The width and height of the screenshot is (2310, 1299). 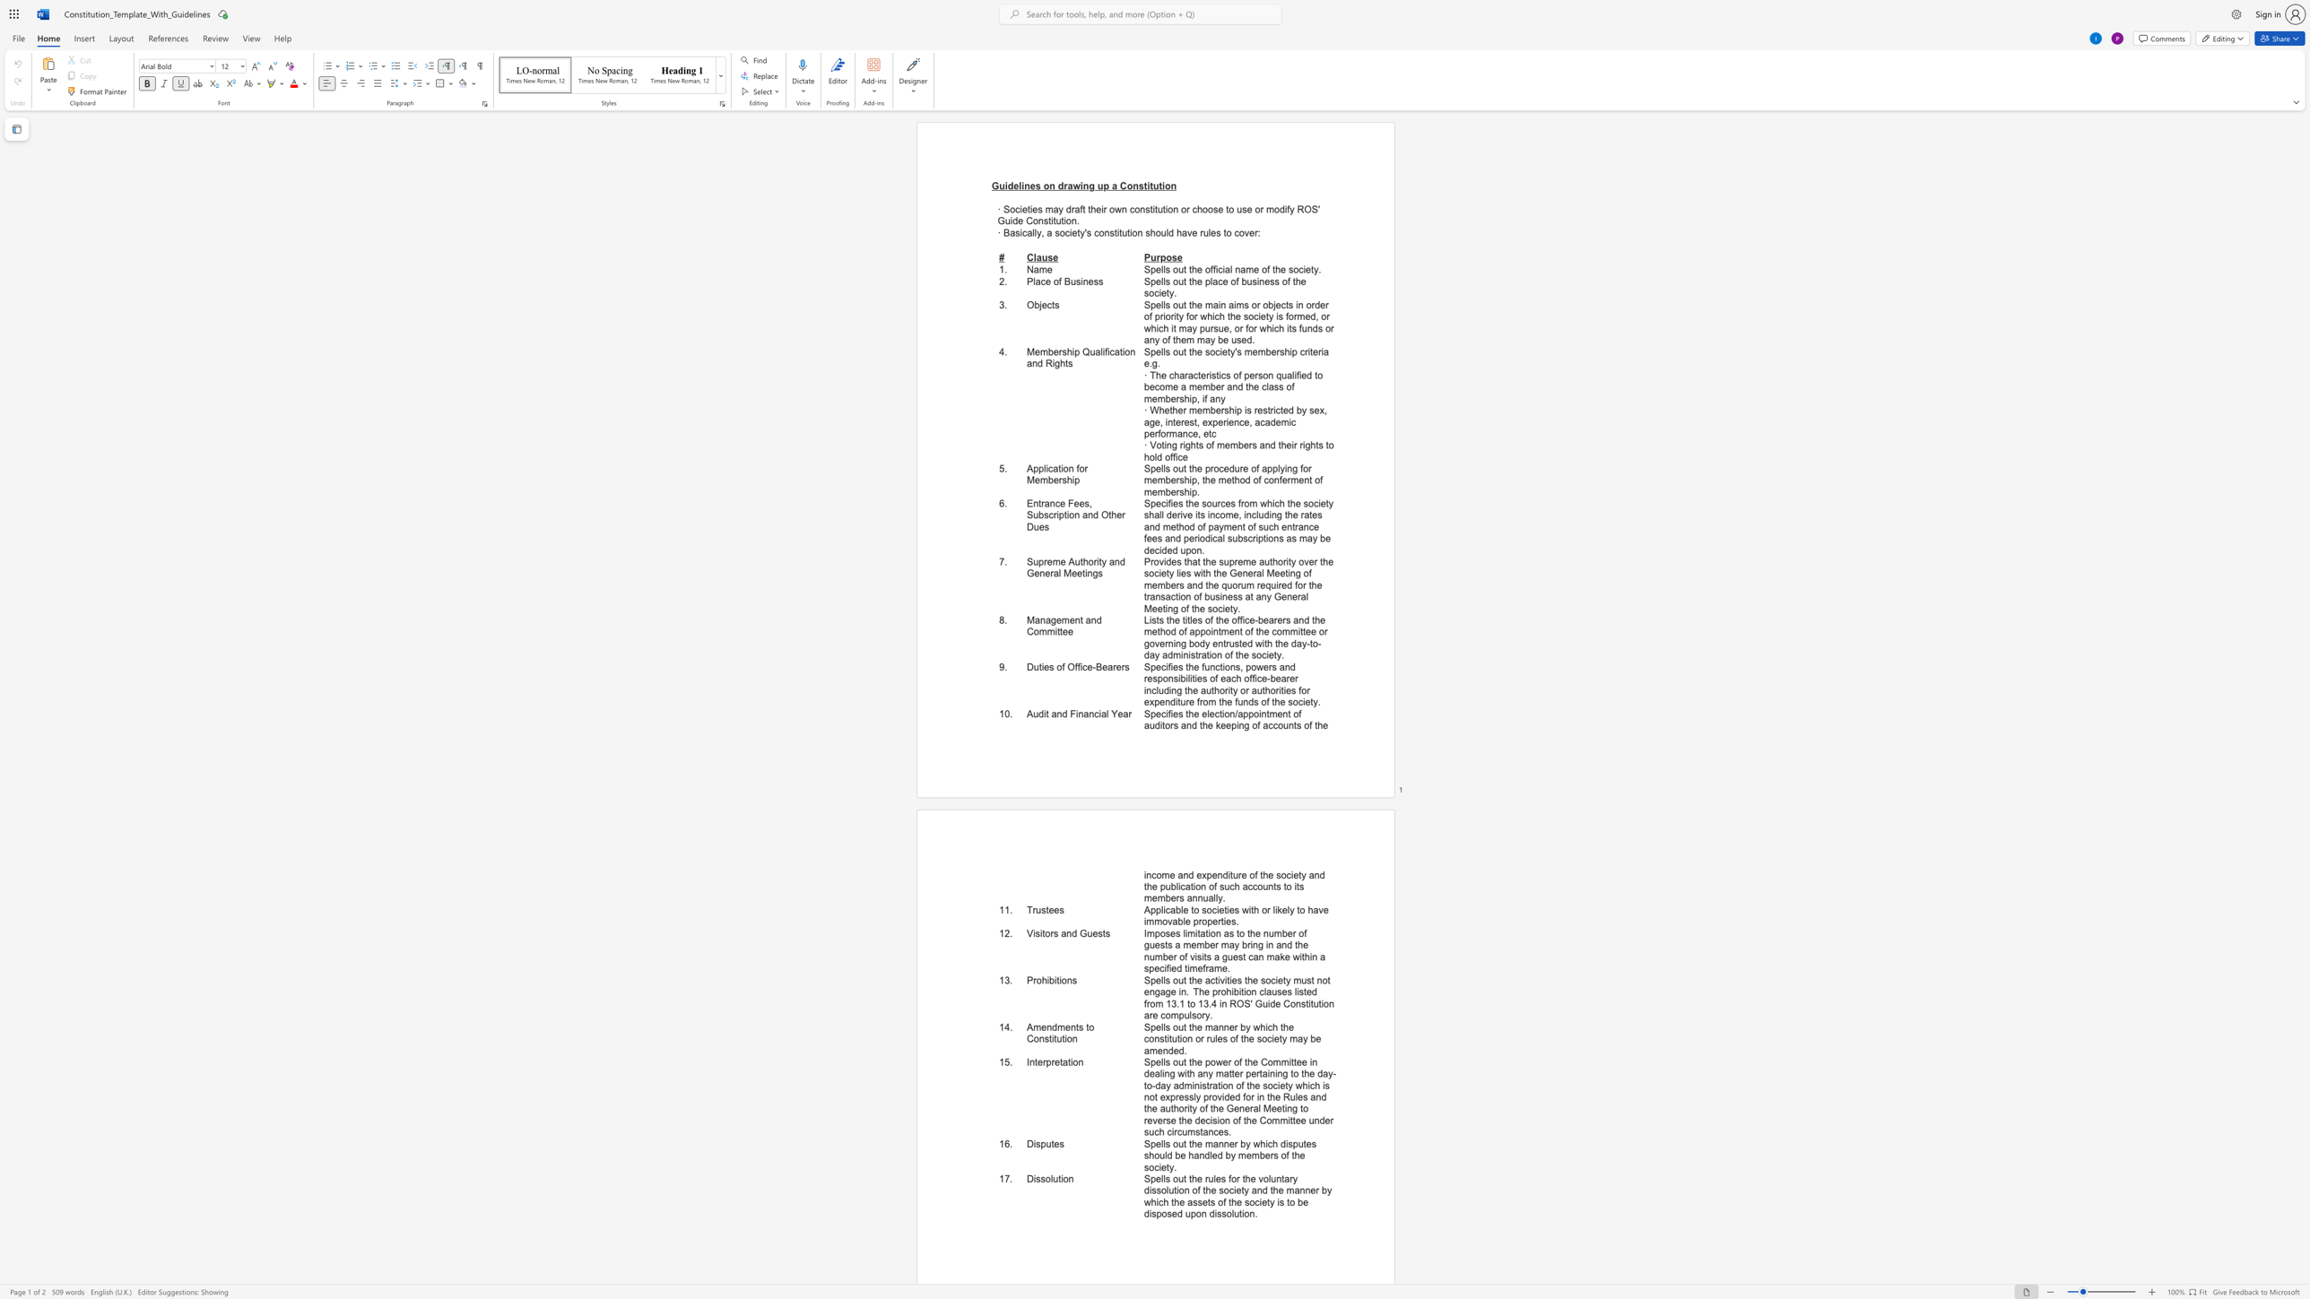 I want to click on the subset text "ns" within the text "Prohibitions", so click(x=1066, y=979).